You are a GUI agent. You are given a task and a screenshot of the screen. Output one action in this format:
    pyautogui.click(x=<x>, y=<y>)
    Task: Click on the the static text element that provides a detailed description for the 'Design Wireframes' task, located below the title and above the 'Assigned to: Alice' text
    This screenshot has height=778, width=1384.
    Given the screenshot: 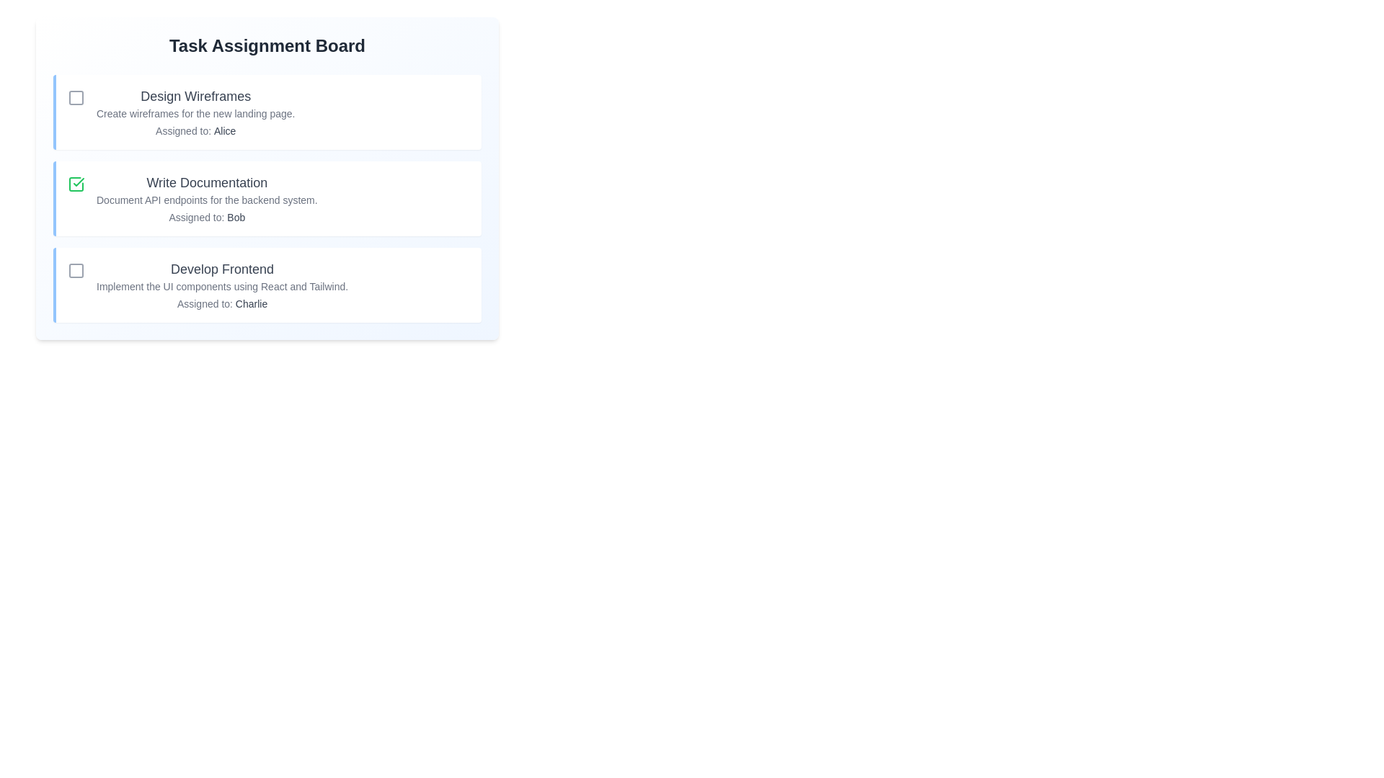 What is the action you would take?
    pyautogui.click(x=195, y=113)
    